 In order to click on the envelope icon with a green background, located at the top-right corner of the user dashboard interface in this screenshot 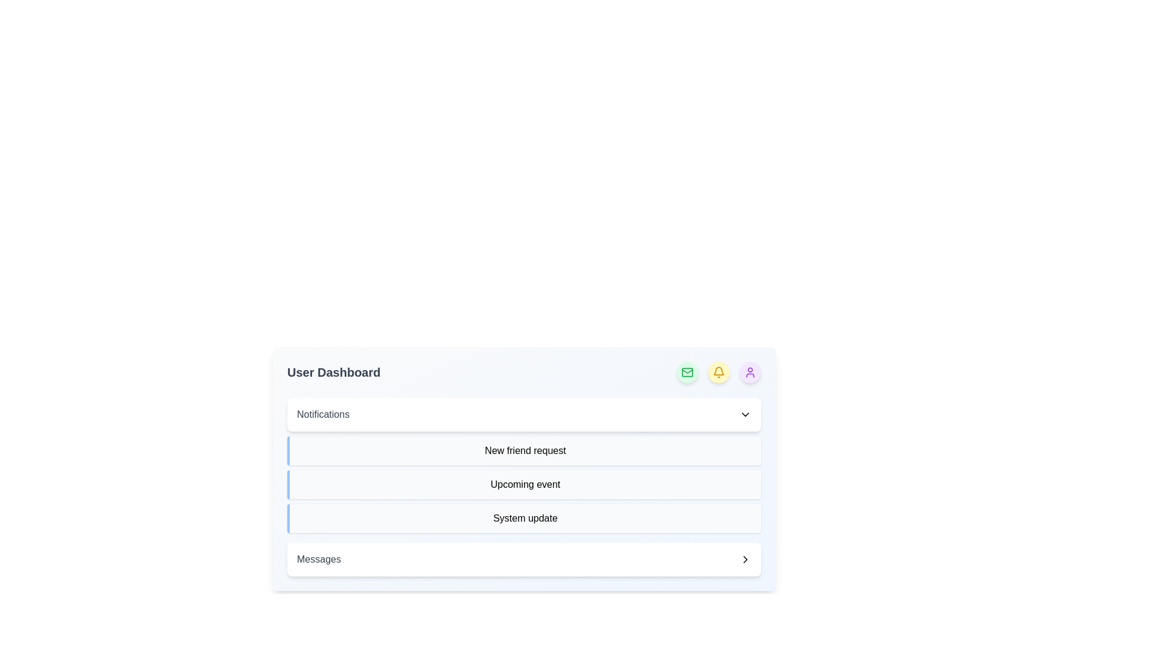, I will do `click(687, 372)`.